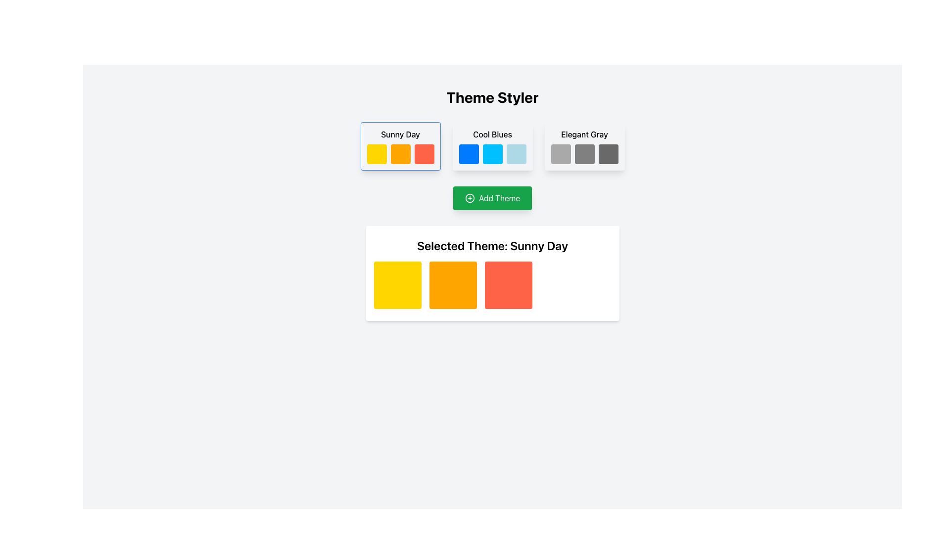  I want to click on the button located below the three theme preview sections ('Sunny Day', 'Cool Blues', 'Elegant Gray') to initiate the theme addition process, so click(492, 198).